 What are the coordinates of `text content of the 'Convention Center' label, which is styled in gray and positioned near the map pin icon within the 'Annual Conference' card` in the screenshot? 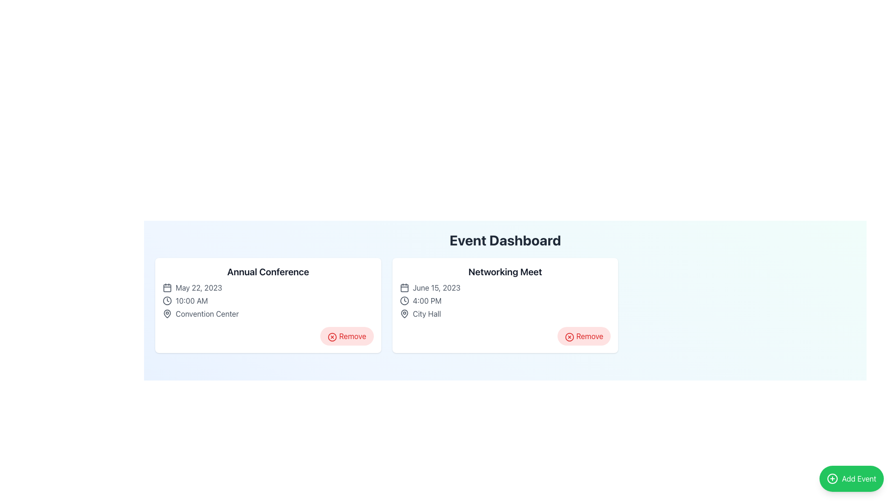 It's located at (207, 314).